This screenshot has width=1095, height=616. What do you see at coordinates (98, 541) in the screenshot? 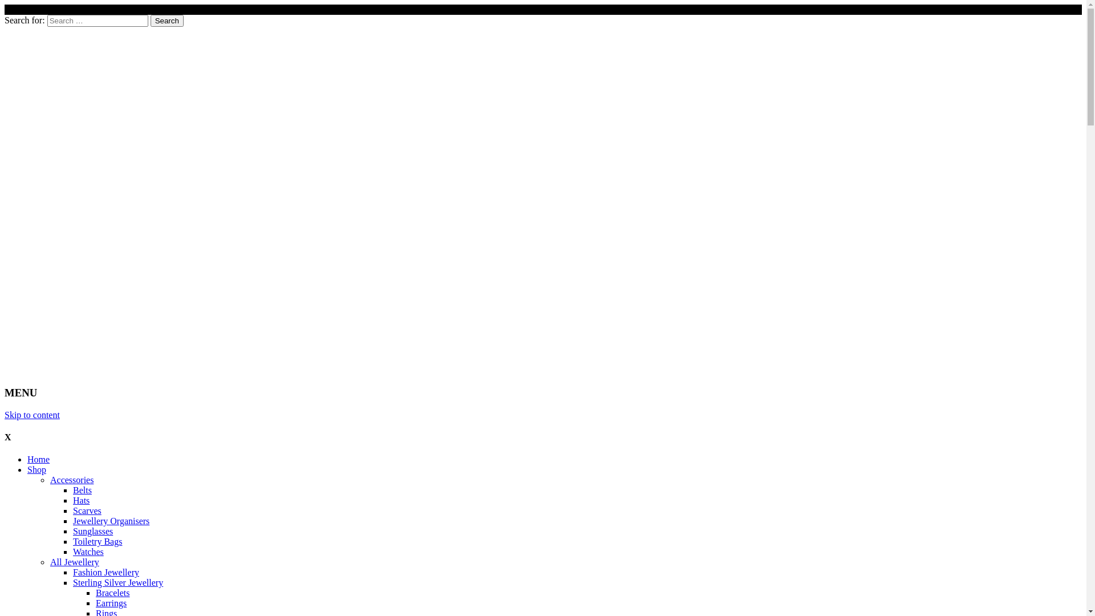
I see `'Toiletry Bags'` at bounding box center [98, 541].